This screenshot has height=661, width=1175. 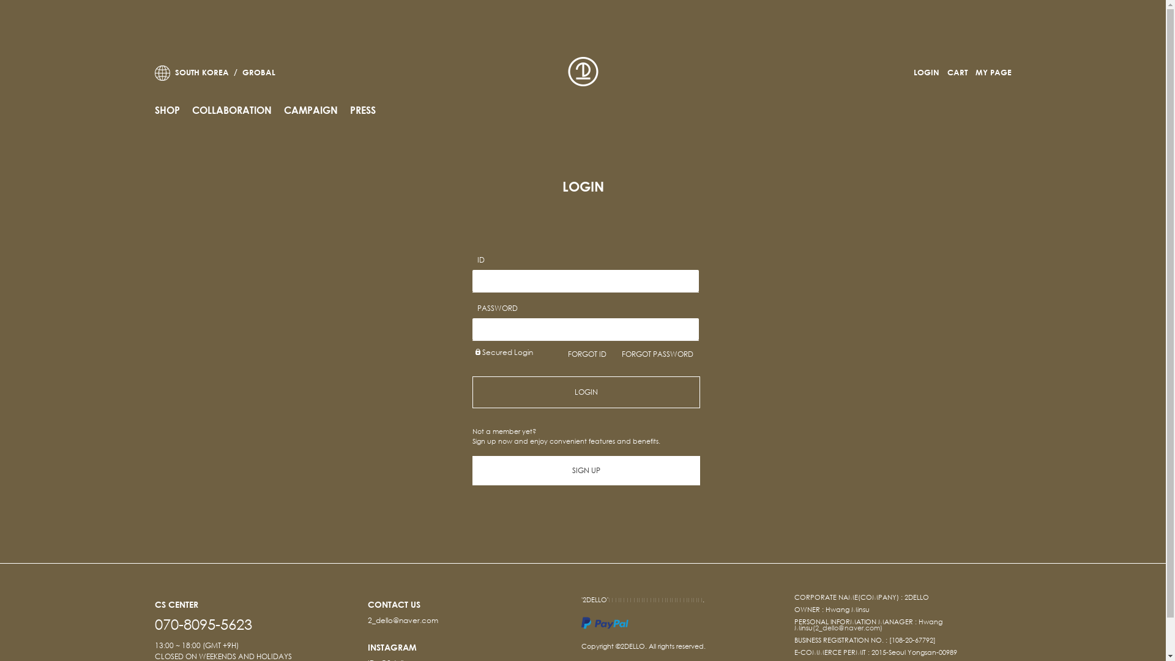 What do you see at coordinates (940, 72) in the screenshot?
I see `'CART'` at bounding box center [940, 72].